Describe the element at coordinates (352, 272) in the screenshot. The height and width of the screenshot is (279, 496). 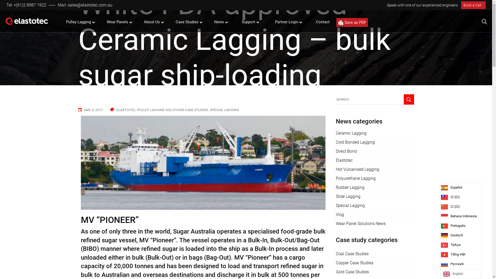
I see `'Gold Case Studies'` at that location.